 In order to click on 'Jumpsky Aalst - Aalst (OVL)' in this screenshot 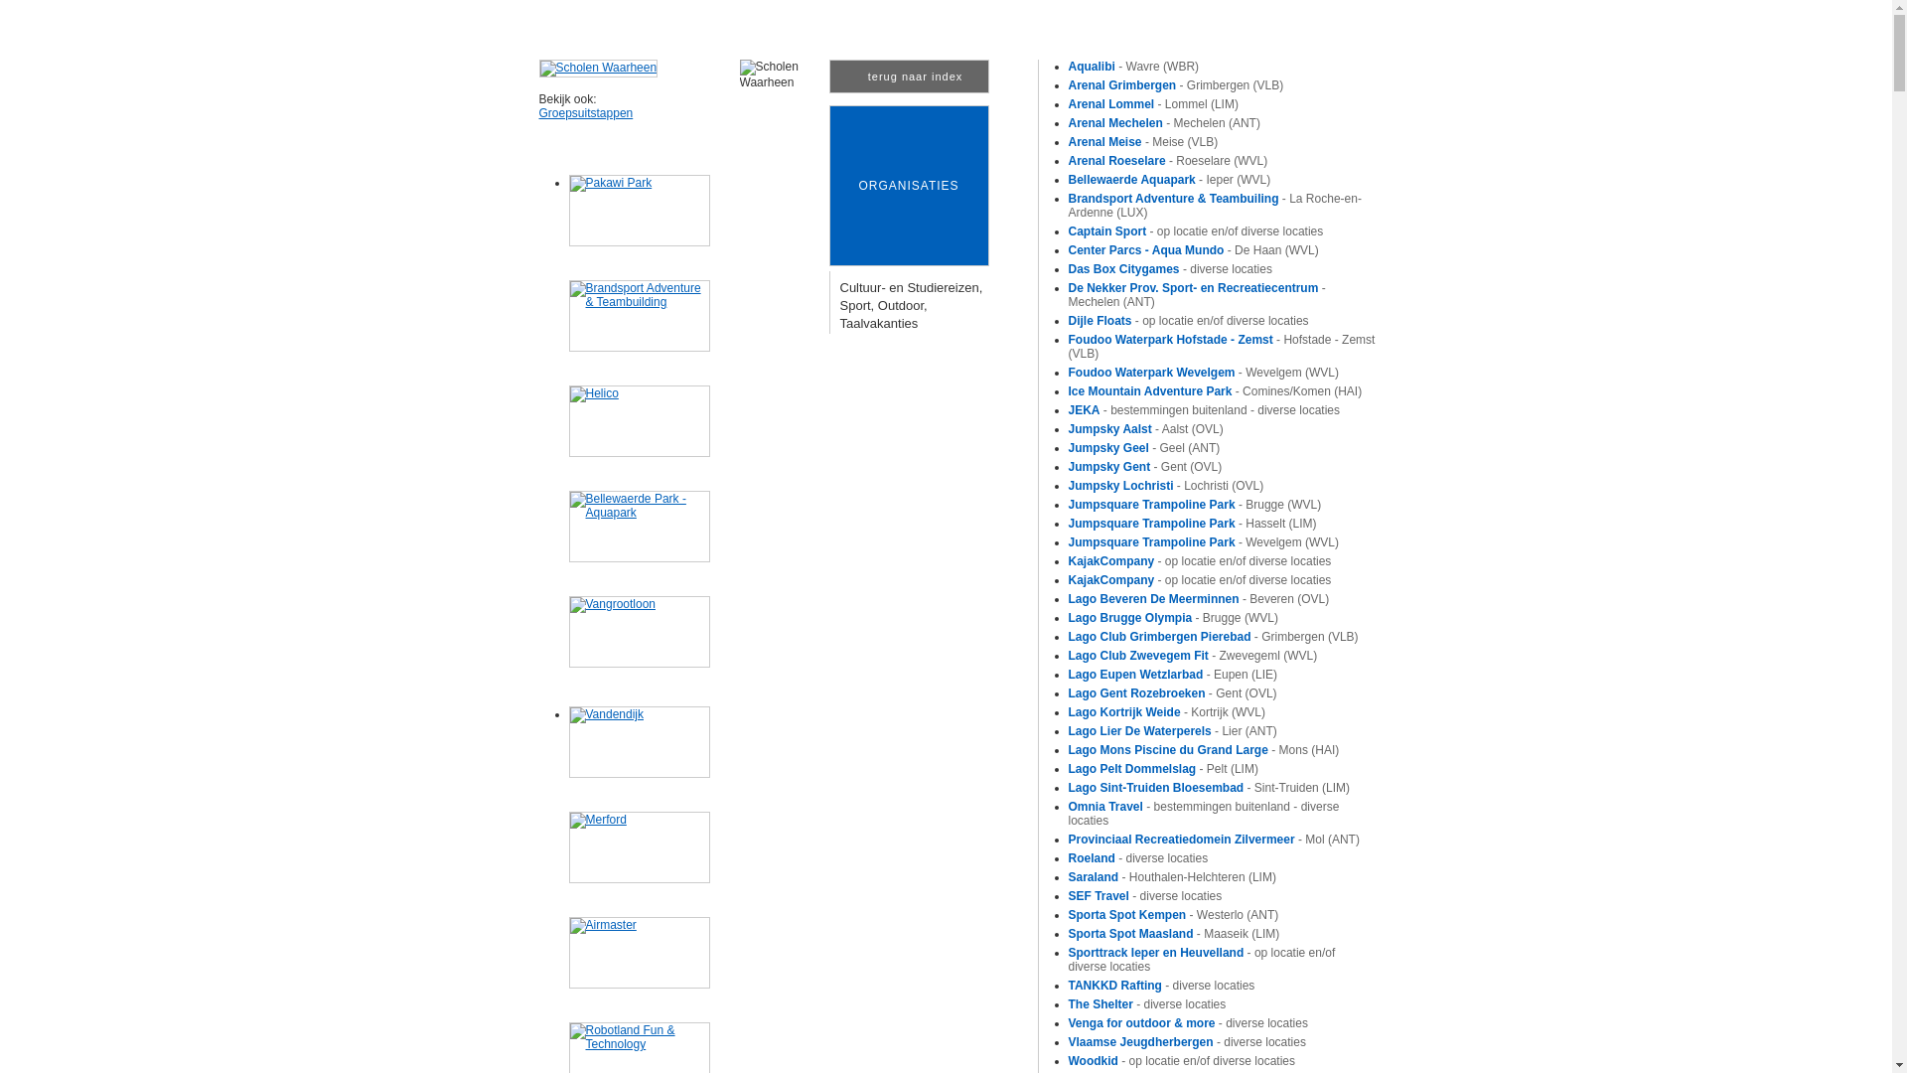, I will do `click(1145, 428)`.